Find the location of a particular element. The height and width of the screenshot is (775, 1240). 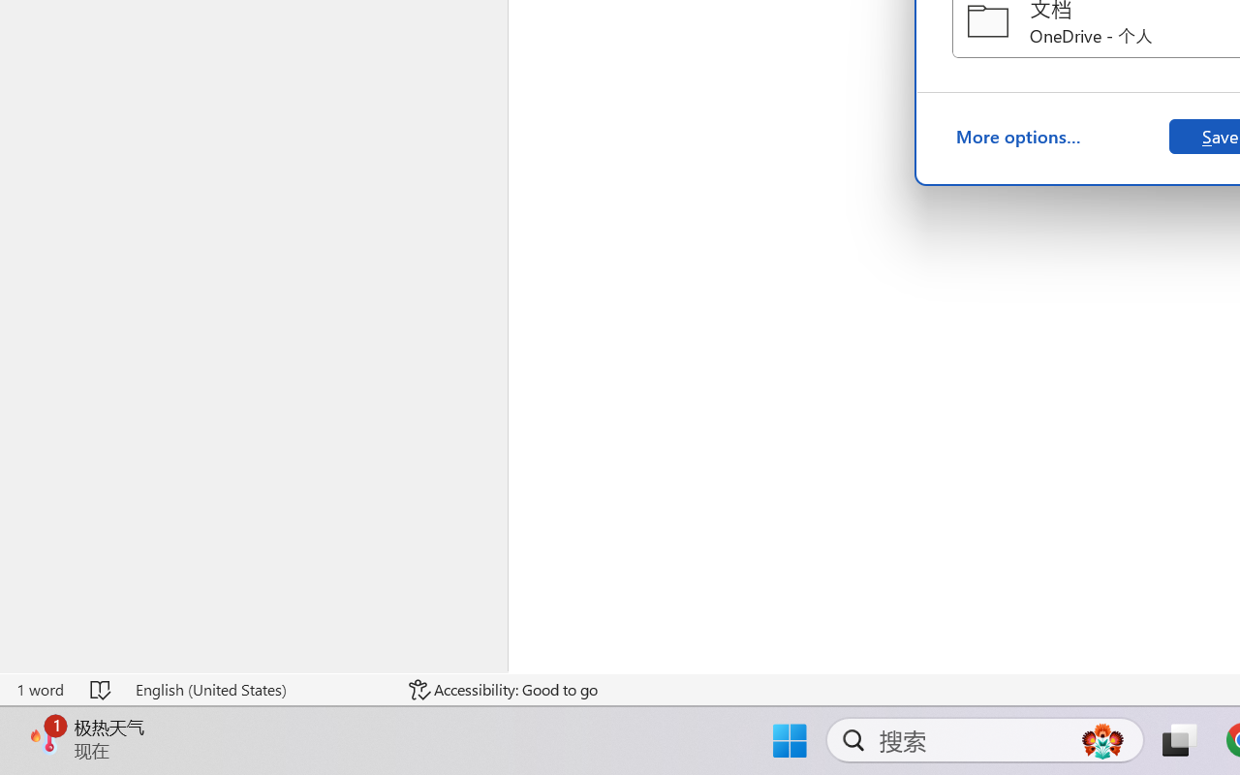

'Accessibility Checker Accessibility: Good to go' is located at coordinates (503, 689).